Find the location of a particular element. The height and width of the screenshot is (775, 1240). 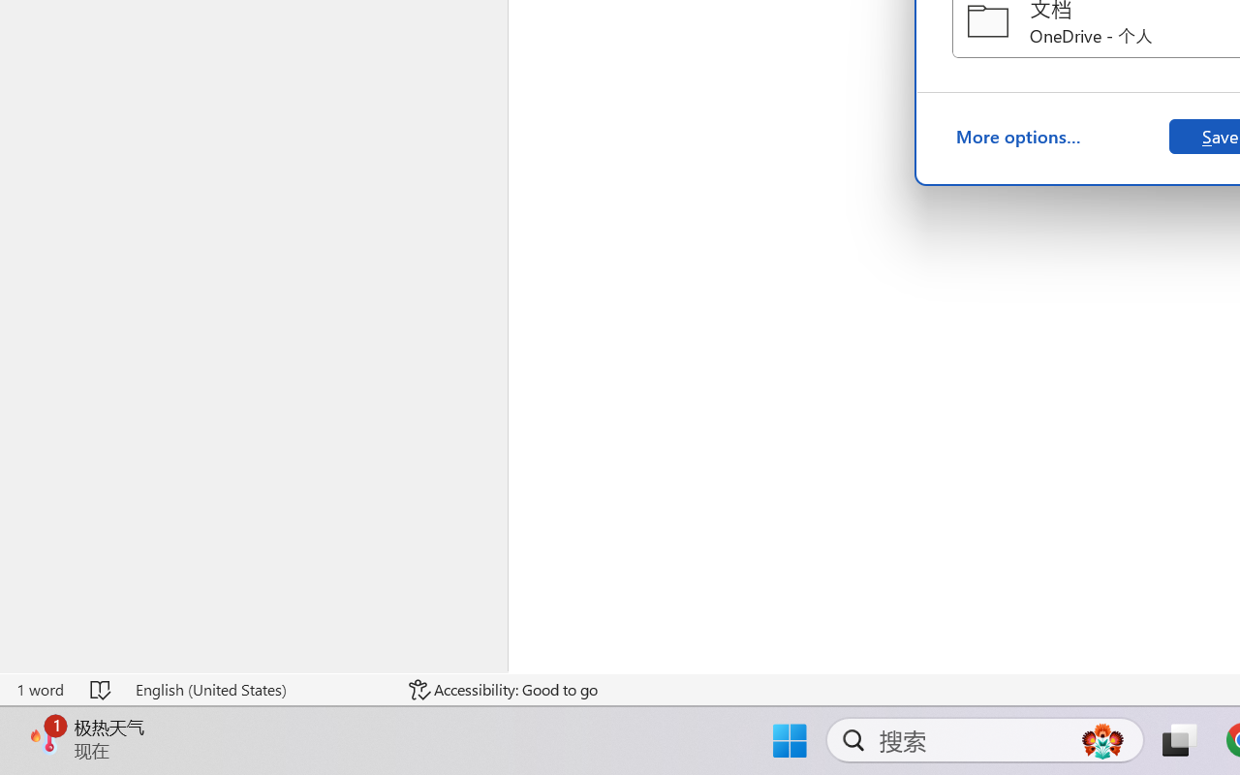

'Accessibility Checker Accessibility: Good to go' is located at coordinates (503, 689).